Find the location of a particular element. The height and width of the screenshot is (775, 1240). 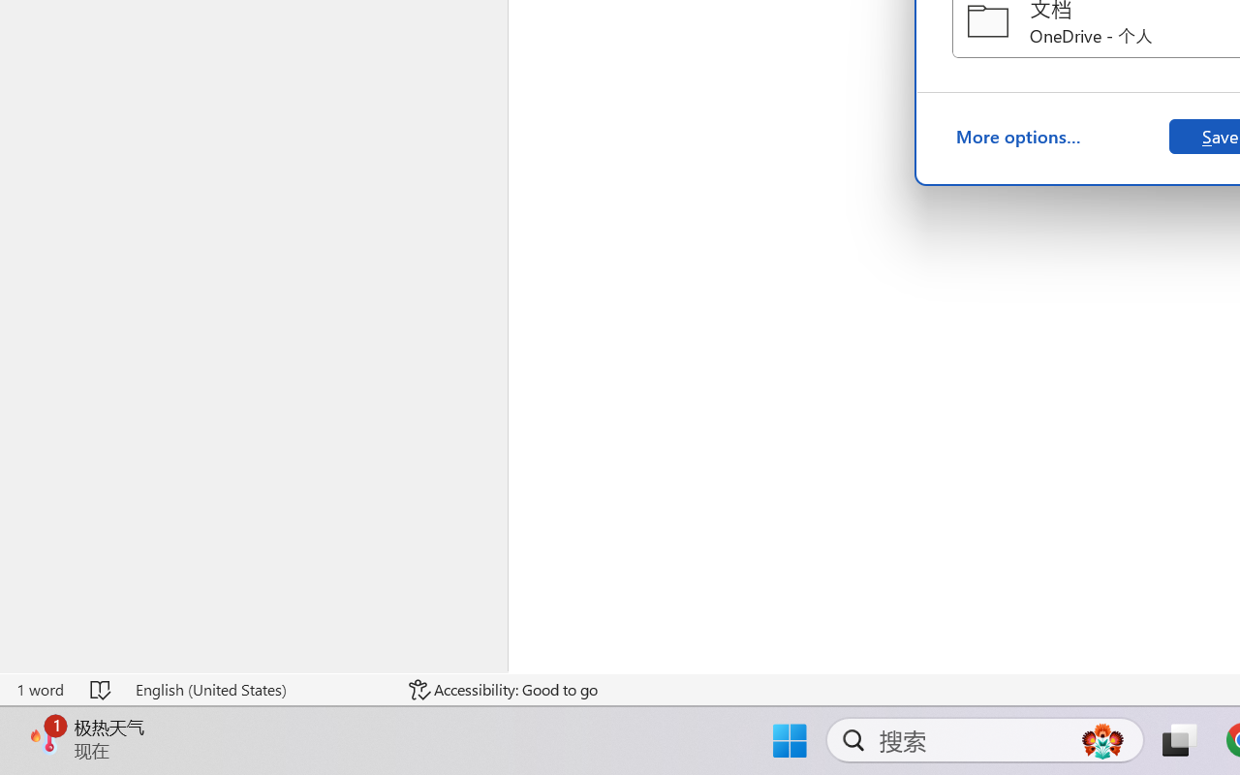

'Accessibility Checker Accessibility: Good to go' is located at coordinates (503, 689).